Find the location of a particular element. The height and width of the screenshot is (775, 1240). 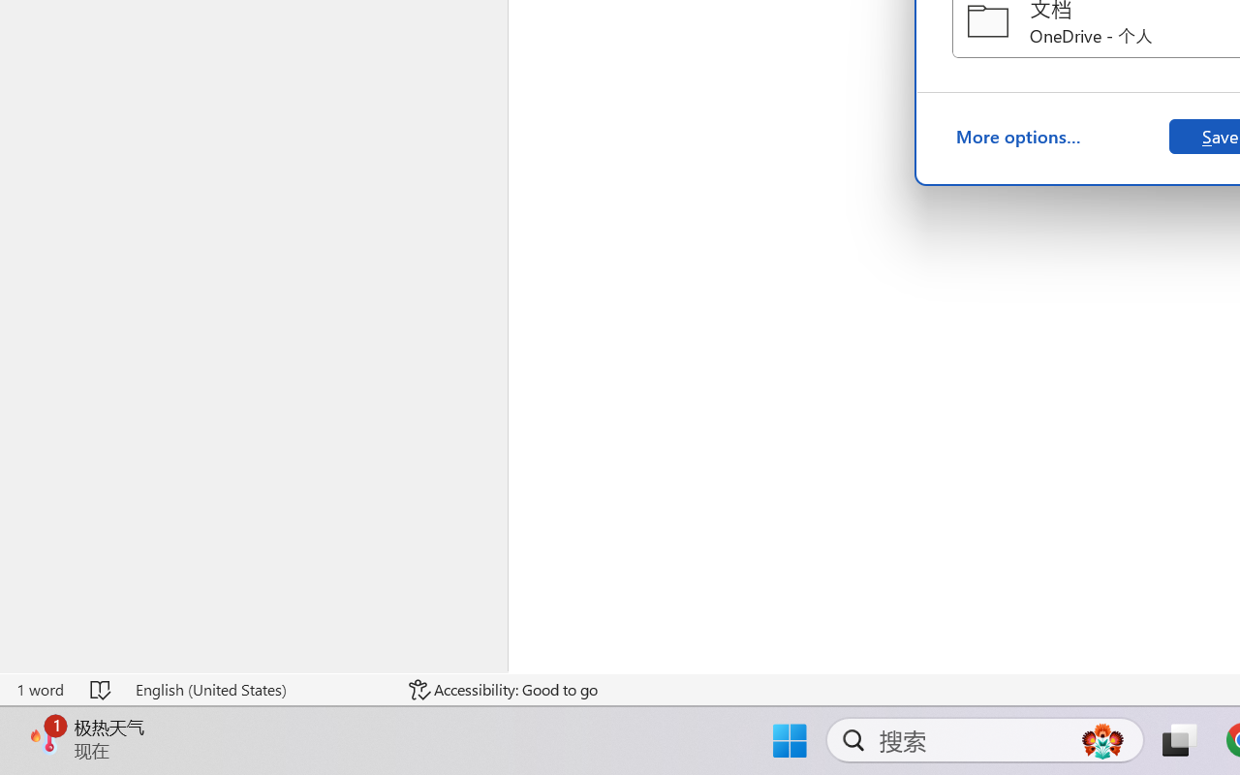

'Accessibility Checker Accessibility: Good to go' is located at coordinates (503, 689).